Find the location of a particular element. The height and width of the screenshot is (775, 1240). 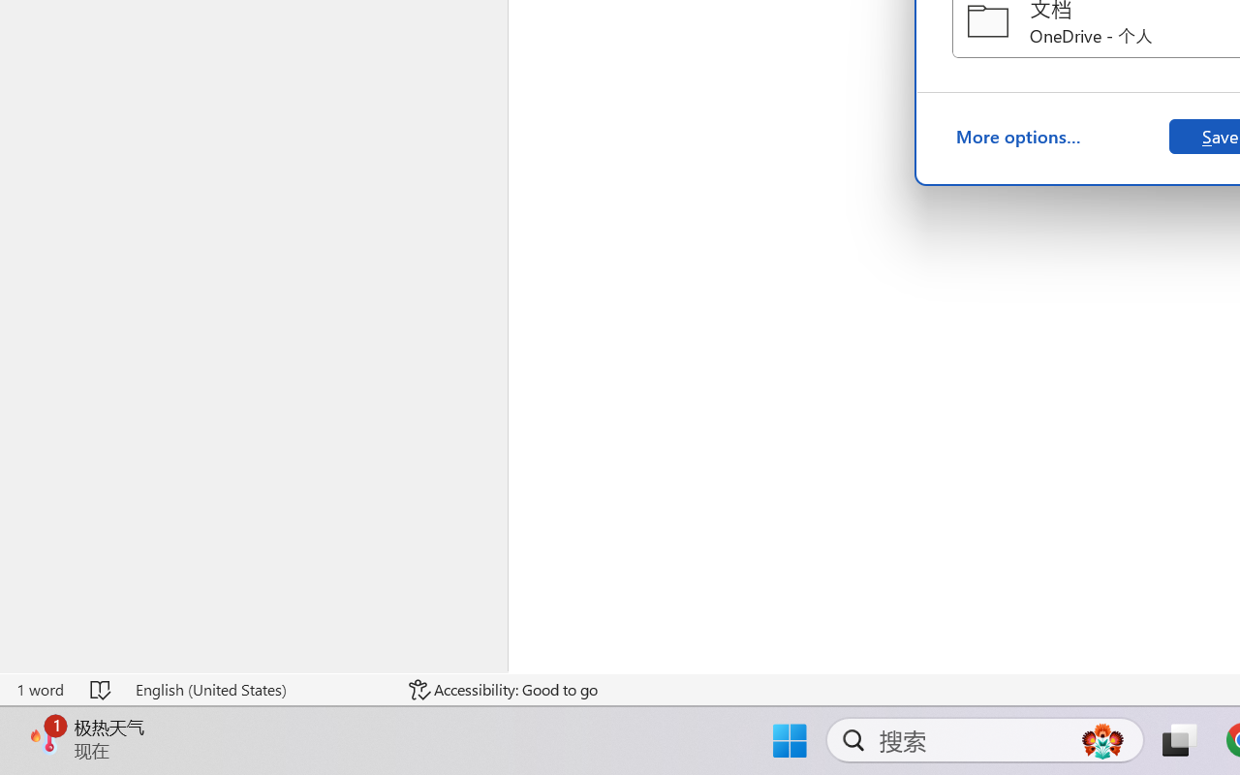

'Accessibility Checker Accessibility: Good to go' is located at coordinates (503, 689).